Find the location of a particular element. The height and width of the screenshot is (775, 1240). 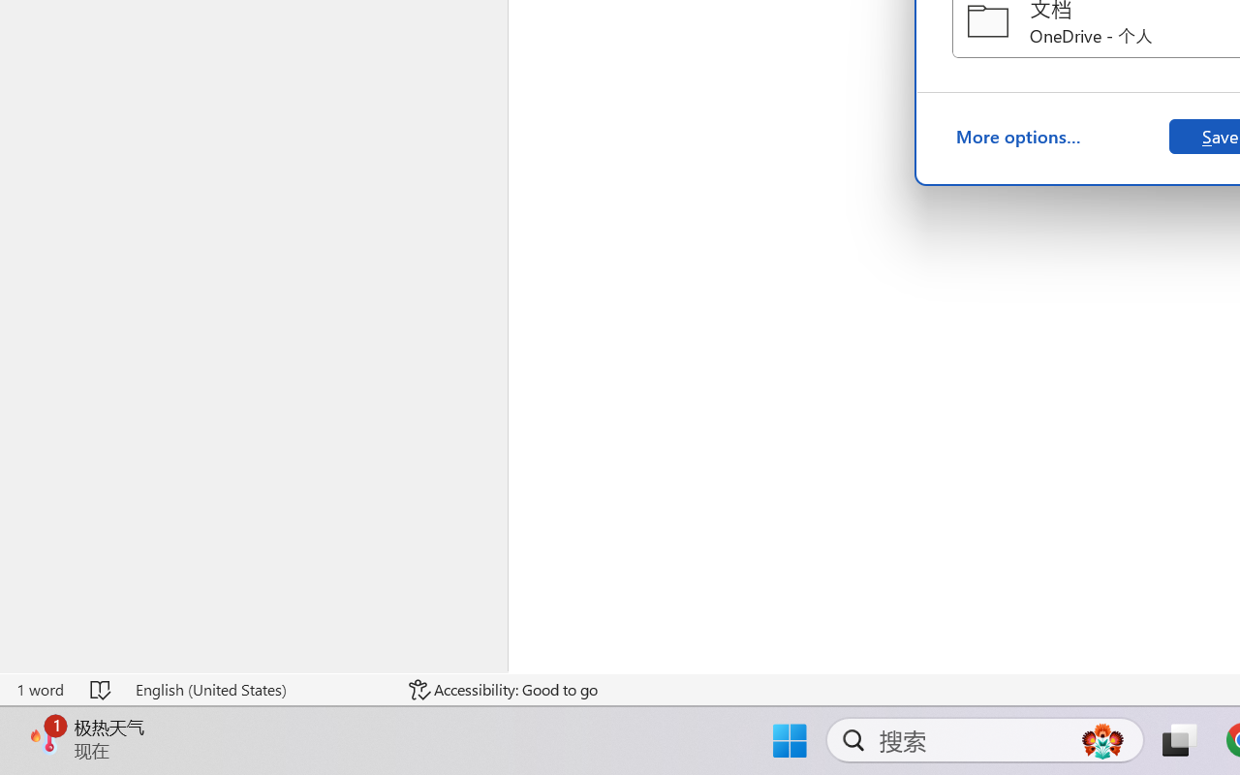

'Accessibility Checker Accessibility: Good to go' is located at coordinates (503, 689).